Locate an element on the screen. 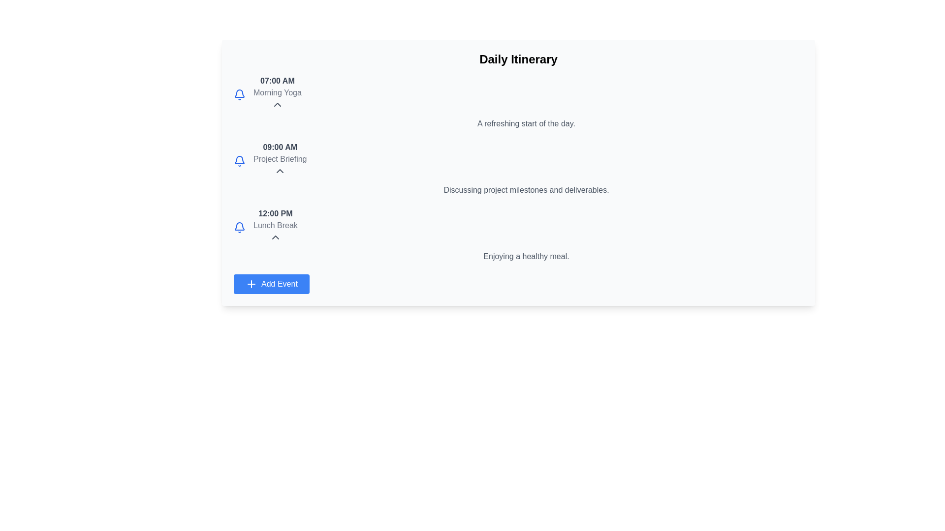 Image resolution: width=945 pixels, height=531 pixels. the upward-pointing caret associated with the 'Project Briefing' text element is located at coordinates (280, 160).